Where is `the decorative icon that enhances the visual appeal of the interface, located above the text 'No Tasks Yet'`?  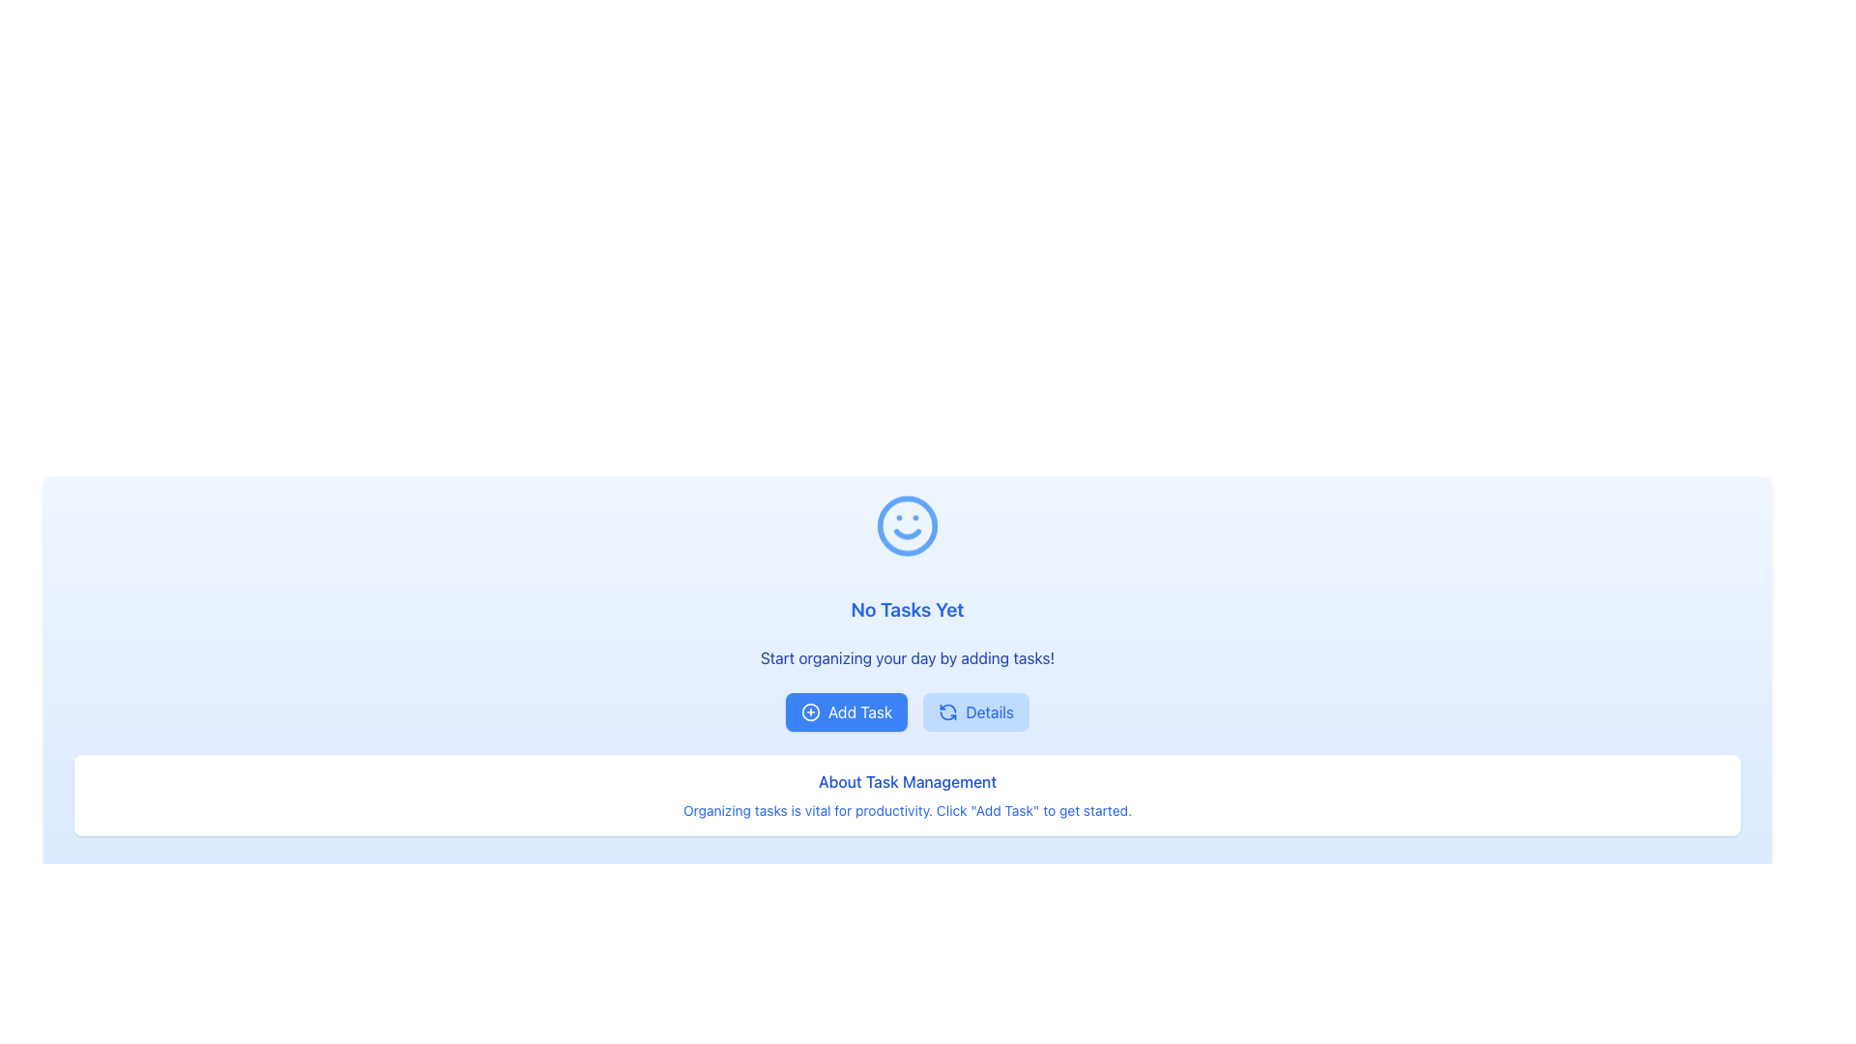 the decorative icon that enhances the visual appeal of the interface, located above the text 'No Tasks Yet' is located at coordinates (907, 536).